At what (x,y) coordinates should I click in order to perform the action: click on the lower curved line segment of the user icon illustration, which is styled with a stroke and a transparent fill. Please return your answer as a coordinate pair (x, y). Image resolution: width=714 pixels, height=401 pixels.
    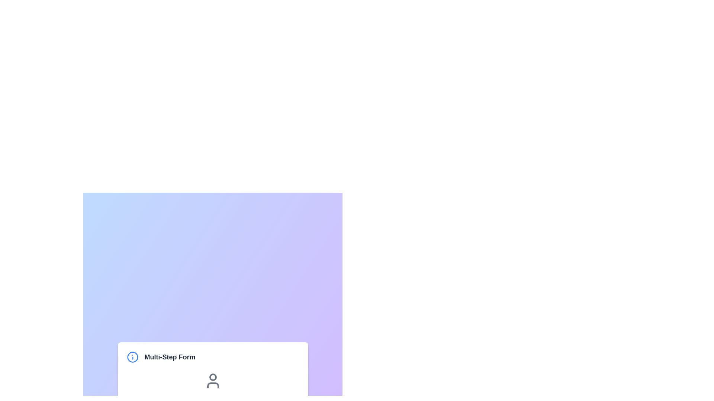
    Looking at the image, I should click on (212, 385).